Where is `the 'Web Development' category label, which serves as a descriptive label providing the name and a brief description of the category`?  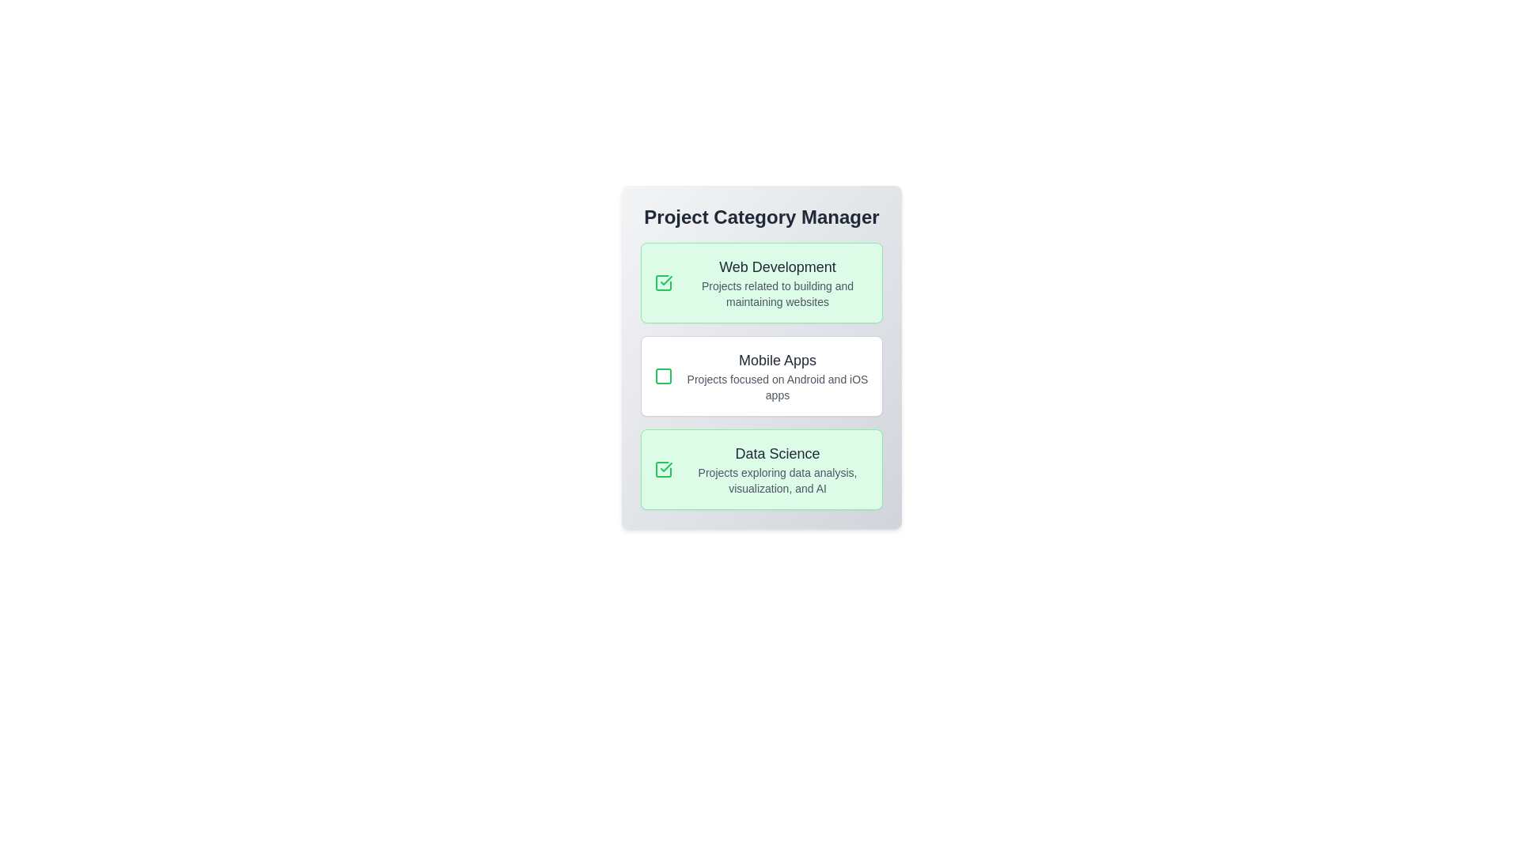 the 'Web Development' category label, which serves as a descriptive label providing the name and a brief description of the category is located at coordinates (778, 282).